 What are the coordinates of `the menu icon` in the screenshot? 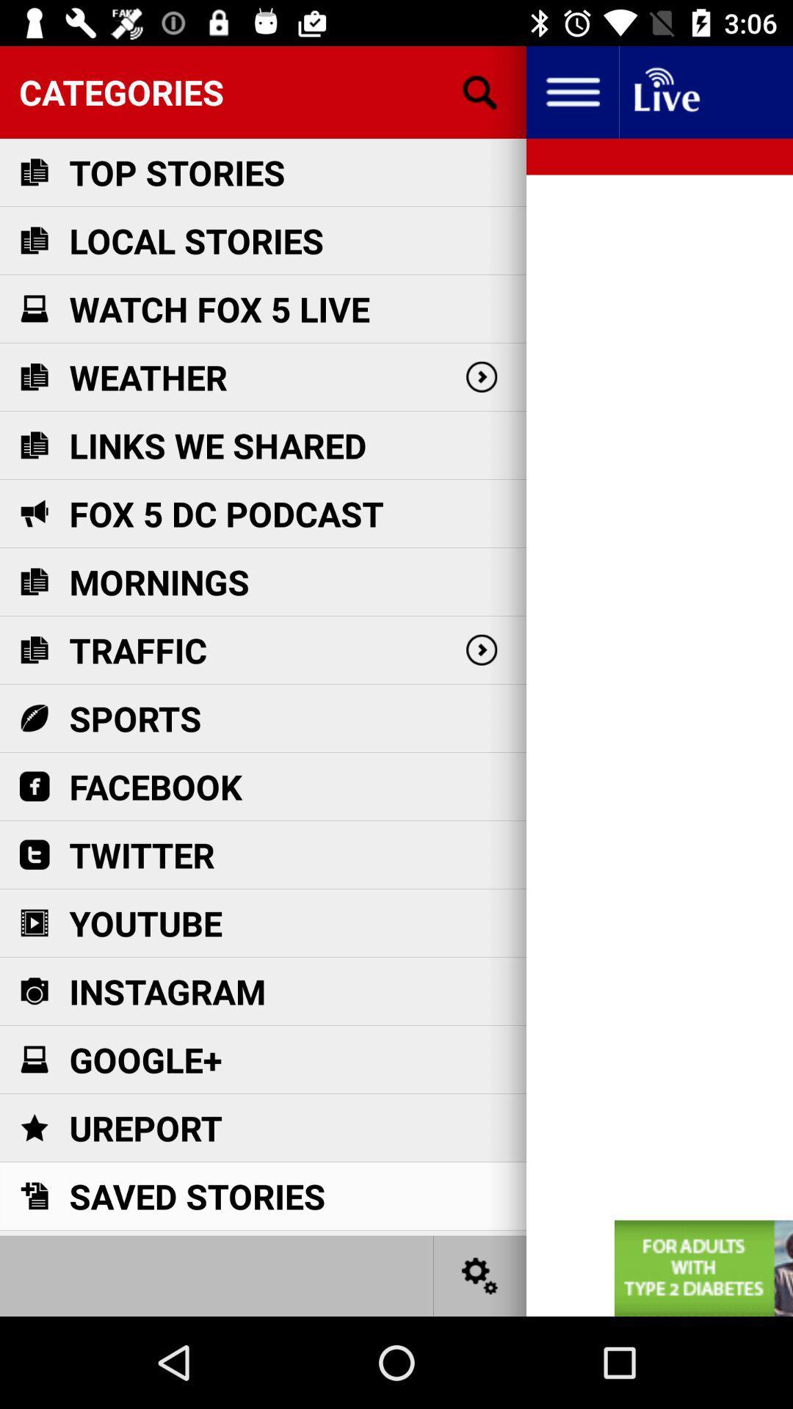 It's located at (571, 91).